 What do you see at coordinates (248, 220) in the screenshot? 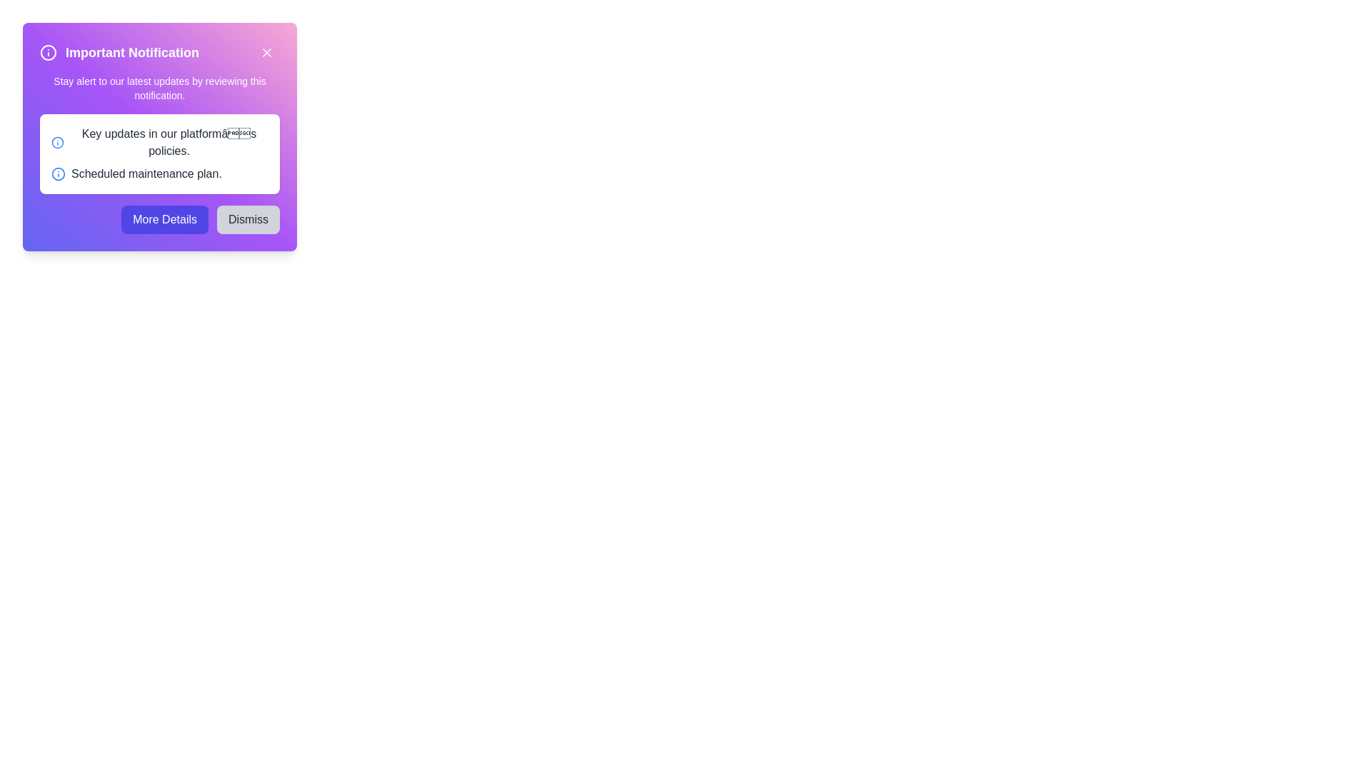
I see `the 'Dismiss' button to close the notification` at bounding box center [248, 220].